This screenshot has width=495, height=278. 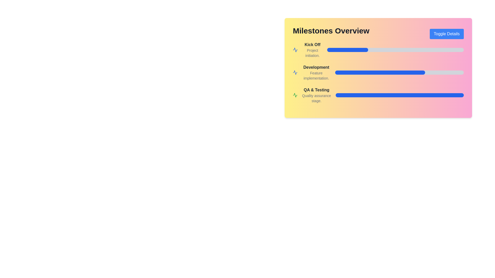 What do you see at coordinates (295, 50) in the screenshot?
I see `the 'Kick Off' icon in the 'Milestones Overview' section, which symbolizes the initiation of a project and is positioned to the left of the 'Kick Off' text` at bounding box center [295, 50].